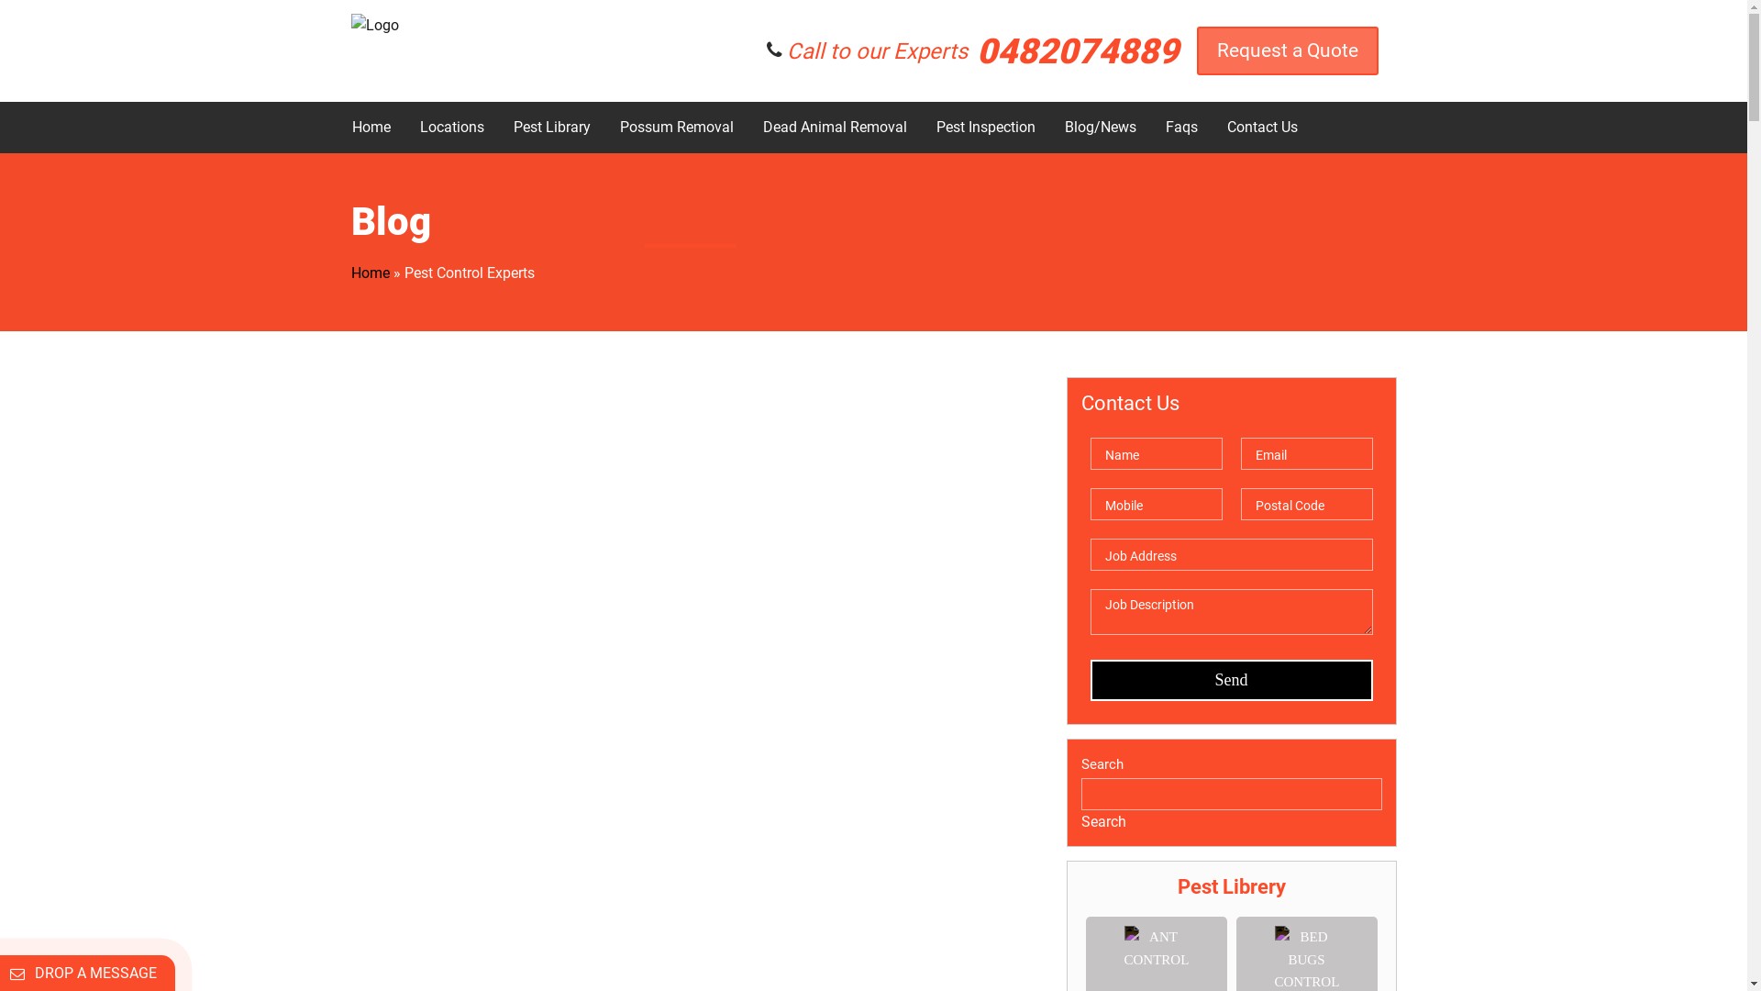 This screenshot has height=991, width=1761. What do you see at coordinates (1285, 49) in the screenshot?
I see `'Request a Quote'` at bounding box center [1285, 49].